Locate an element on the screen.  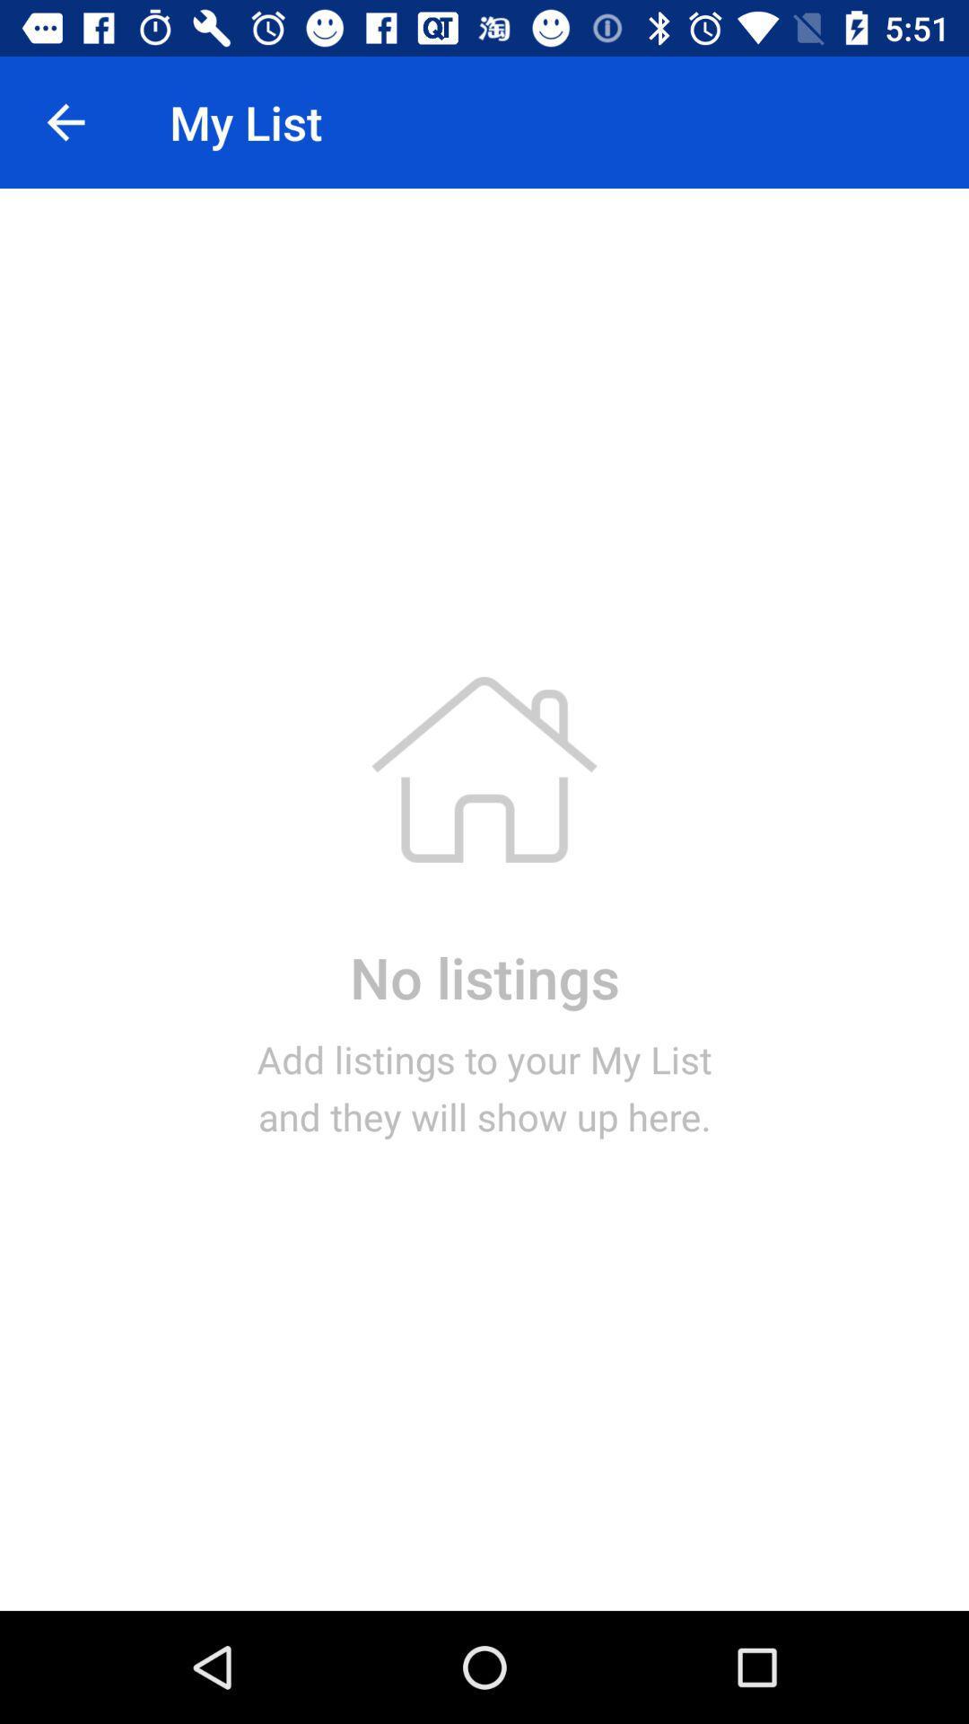
the icon above the no listings item is located at coordinates (65, 121).